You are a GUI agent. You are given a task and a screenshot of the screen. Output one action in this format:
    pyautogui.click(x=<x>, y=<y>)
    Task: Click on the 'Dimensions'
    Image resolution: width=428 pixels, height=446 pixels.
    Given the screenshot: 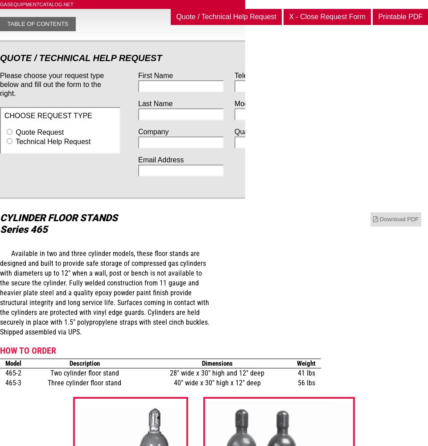 What is the action you would take?
    pyautogui.click(x=201, y=363)
    